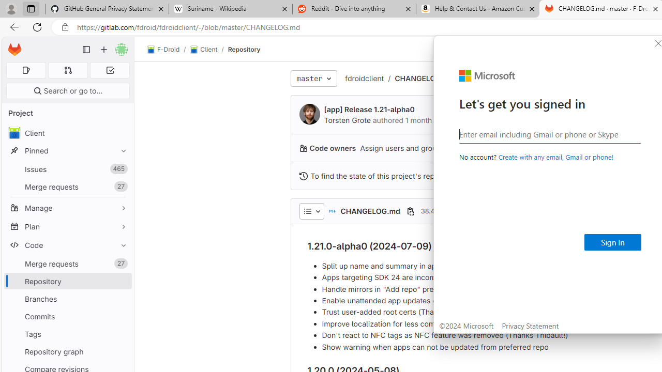  Describe the element at coordinates (67, 299) in the screenshot. I see `'Branches'` at that location.